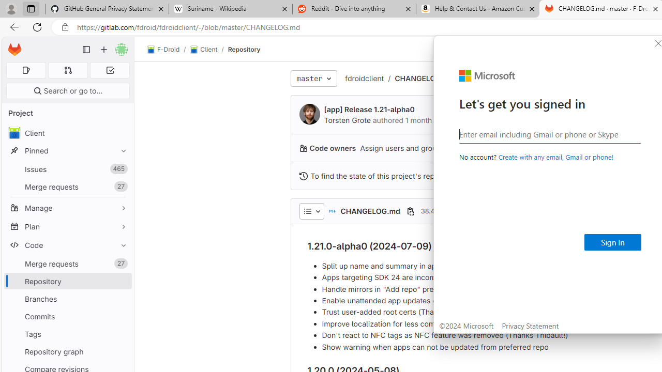  Describe the element at coordinates (67, 299) in the screenshot. I see `'Branches'` at that location.